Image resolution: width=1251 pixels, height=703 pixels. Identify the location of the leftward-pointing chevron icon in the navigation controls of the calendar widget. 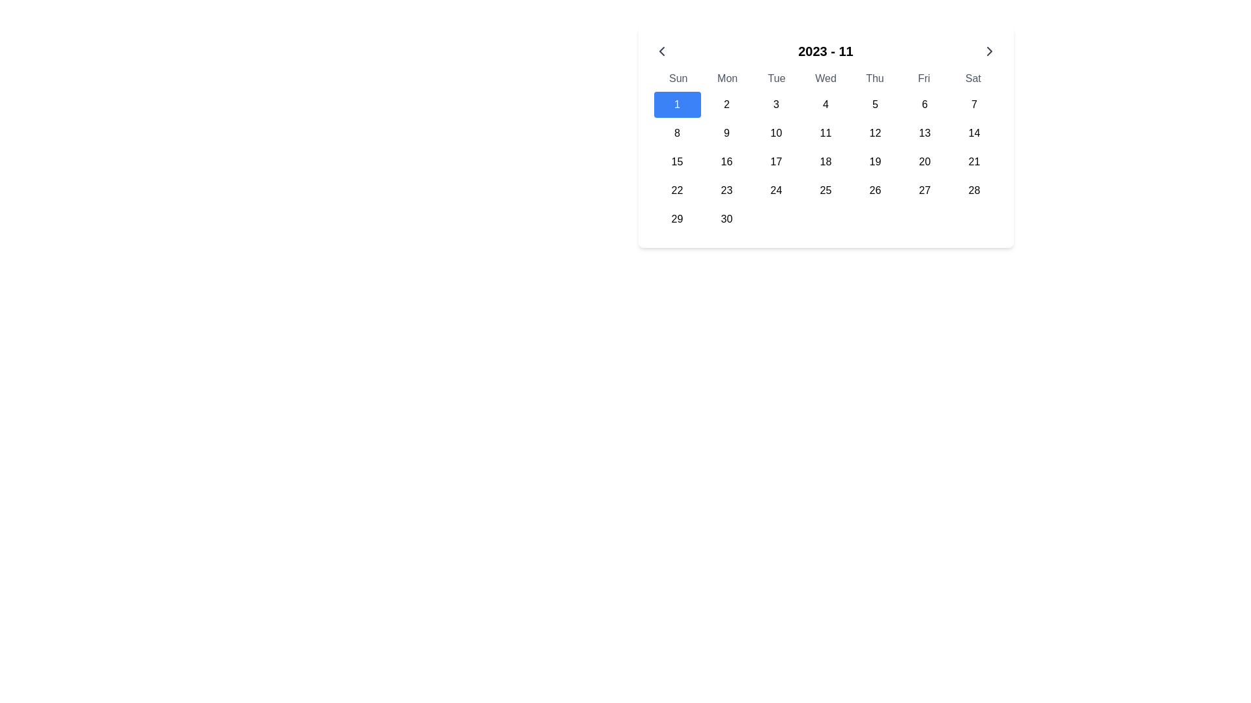
(661, 50).